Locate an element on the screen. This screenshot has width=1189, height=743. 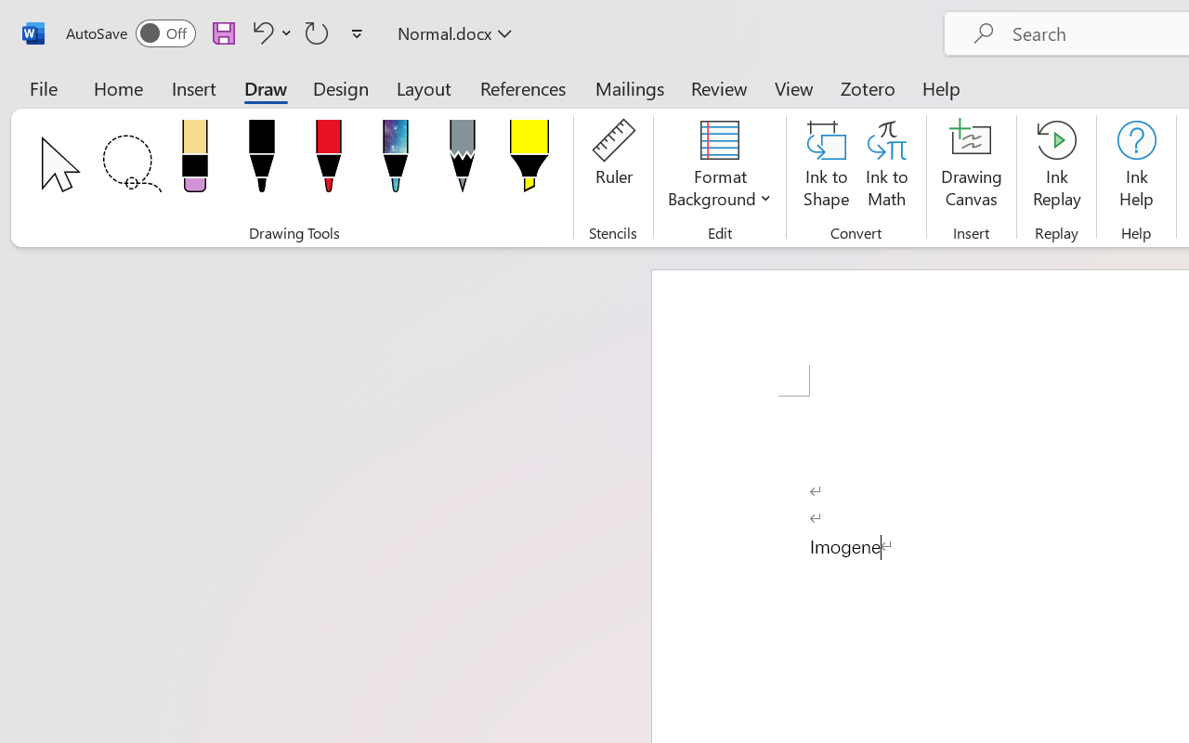
'Ink Replay' is located at coordinates (1056, 166).